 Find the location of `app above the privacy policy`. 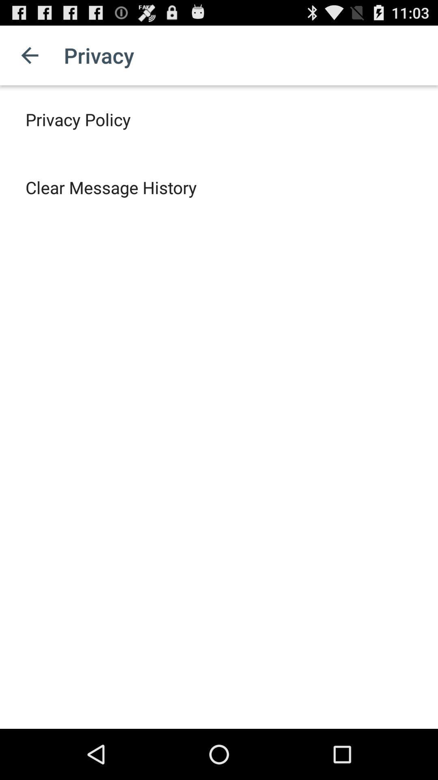

app above the privacy policy is located at coordinates (29, 55).